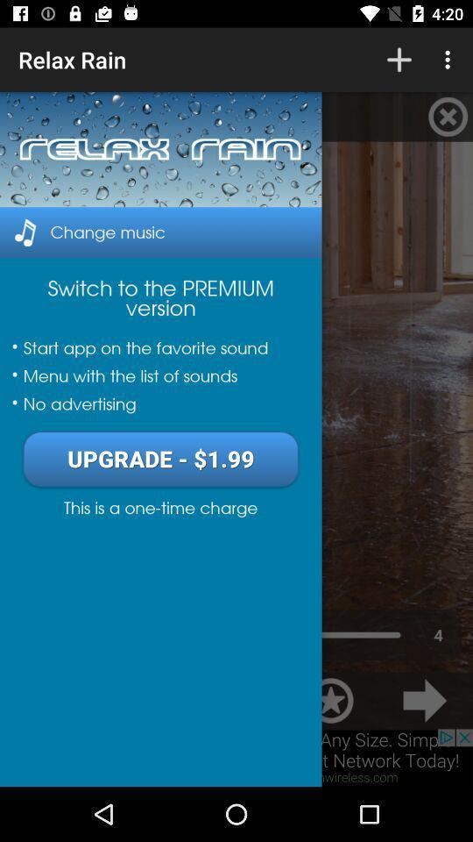 The height and width of the screenshot is (842, 473). I want to click on the star icon, so click(330, 700).